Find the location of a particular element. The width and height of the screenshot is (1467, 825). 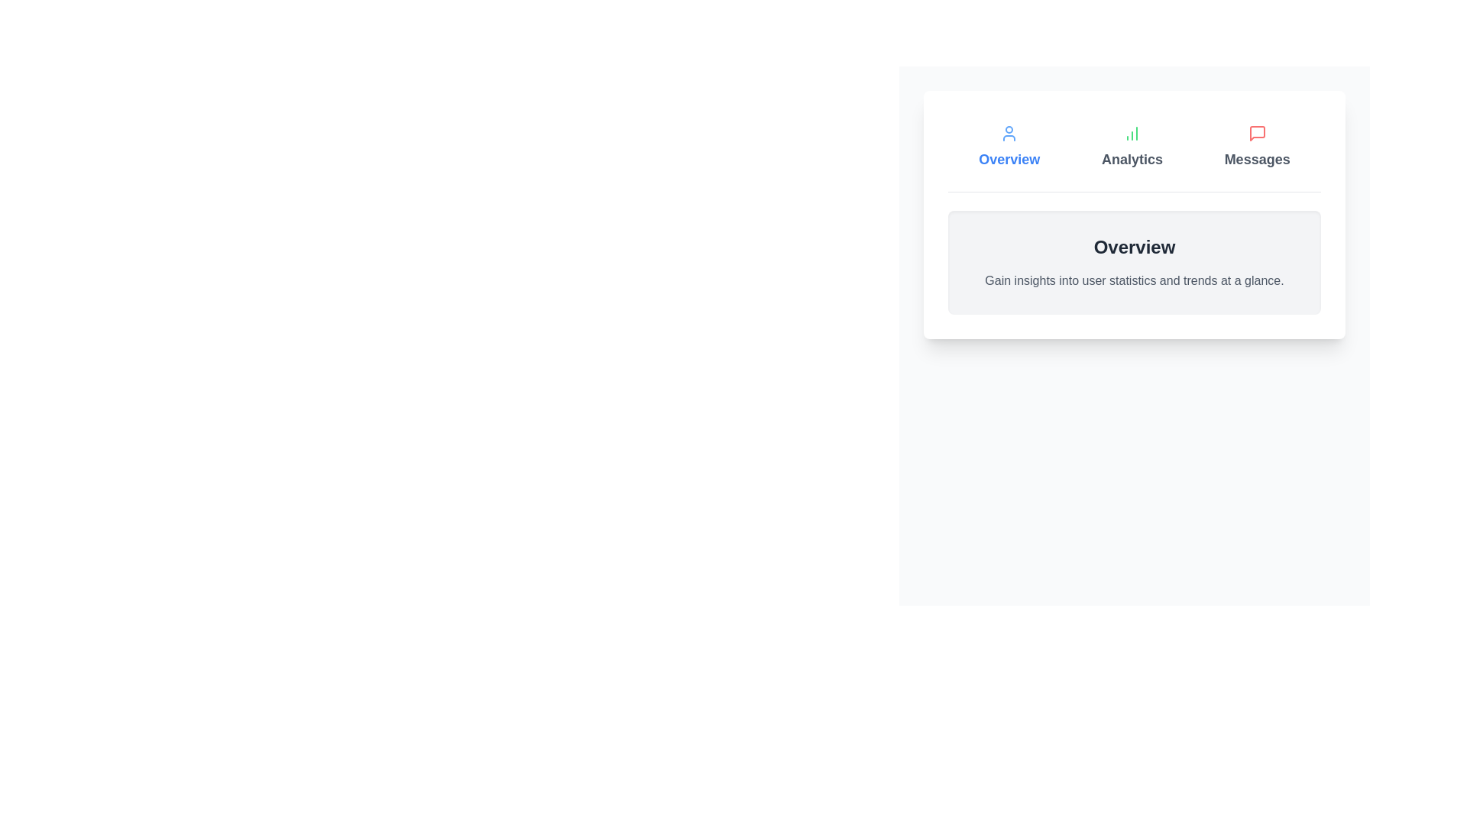

the Analytics tab to see its hover effect is located at coordinates (1132, 147).